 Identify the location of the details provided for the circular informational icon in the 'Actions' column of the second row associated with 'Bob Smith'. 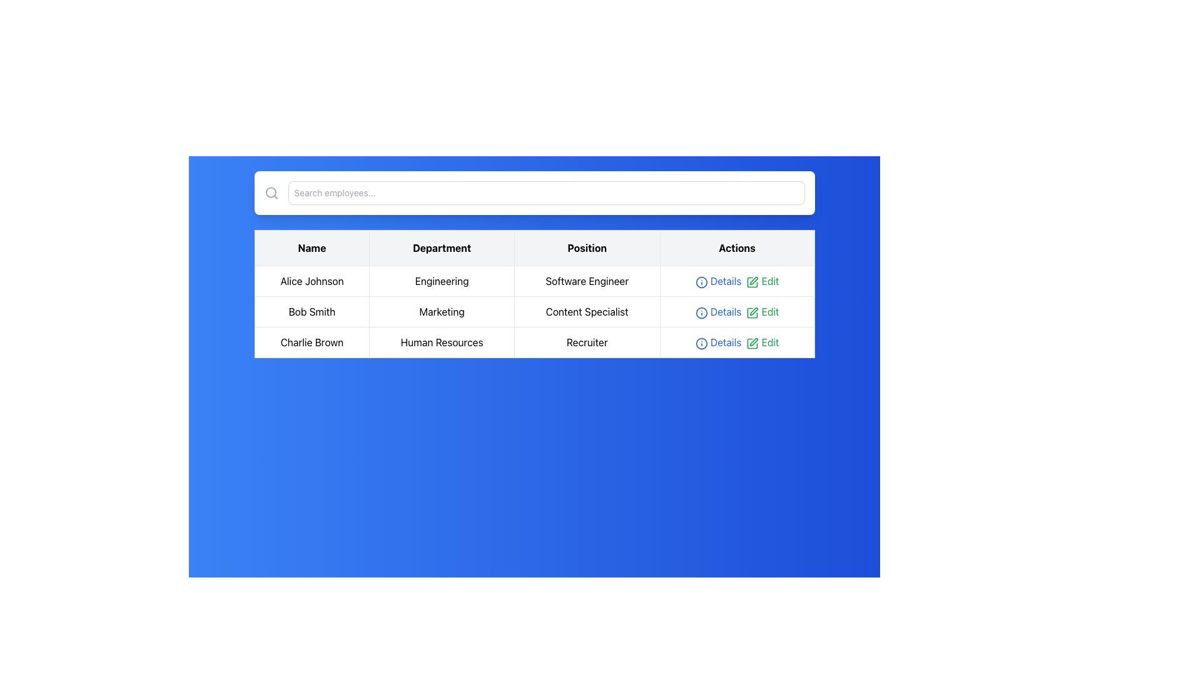
(701, 282).